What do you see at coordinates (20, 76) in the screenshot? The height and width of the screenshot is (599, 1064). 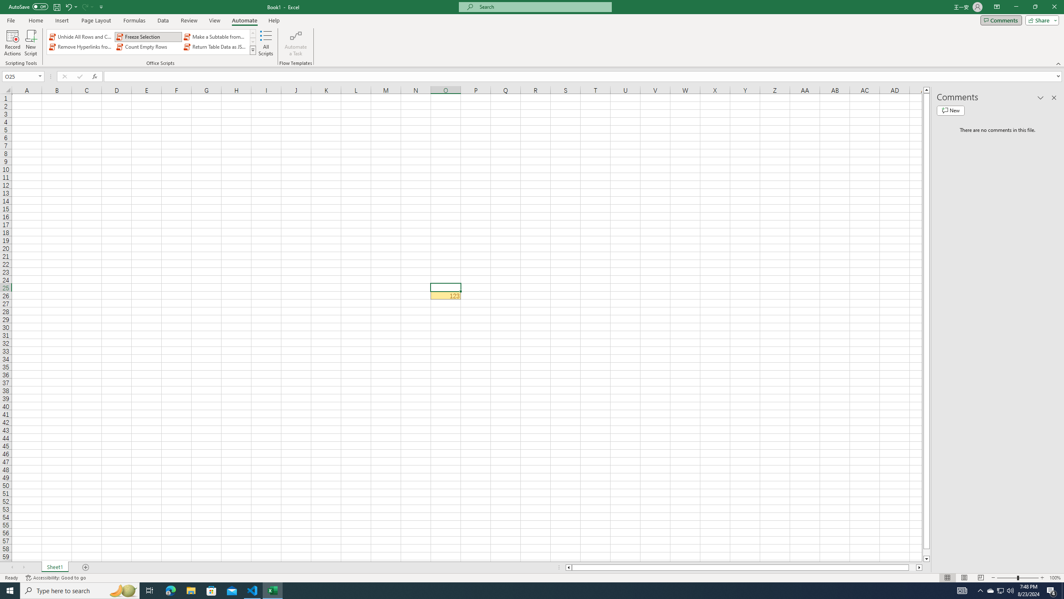 I see `'Name Box'` at bounding box center [20, 76].